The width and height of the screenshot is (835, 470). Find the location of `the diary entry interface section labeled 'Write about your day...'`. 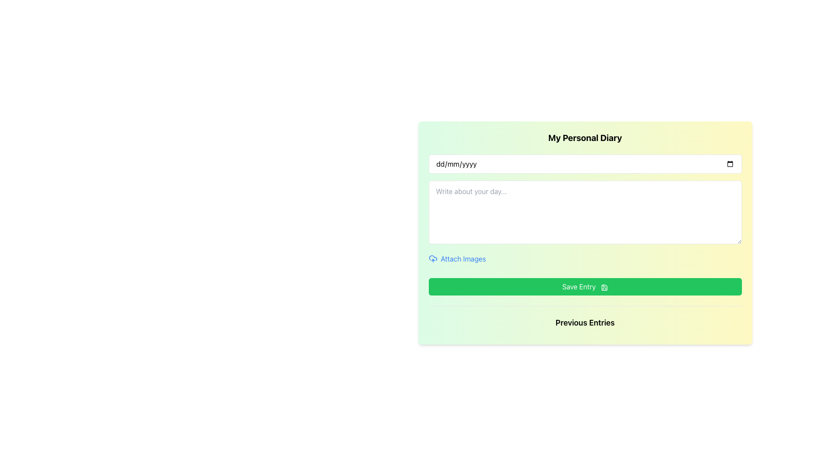

the diary entry interface section labeled 'Write about your day...' is located at coordinates (585, 224).